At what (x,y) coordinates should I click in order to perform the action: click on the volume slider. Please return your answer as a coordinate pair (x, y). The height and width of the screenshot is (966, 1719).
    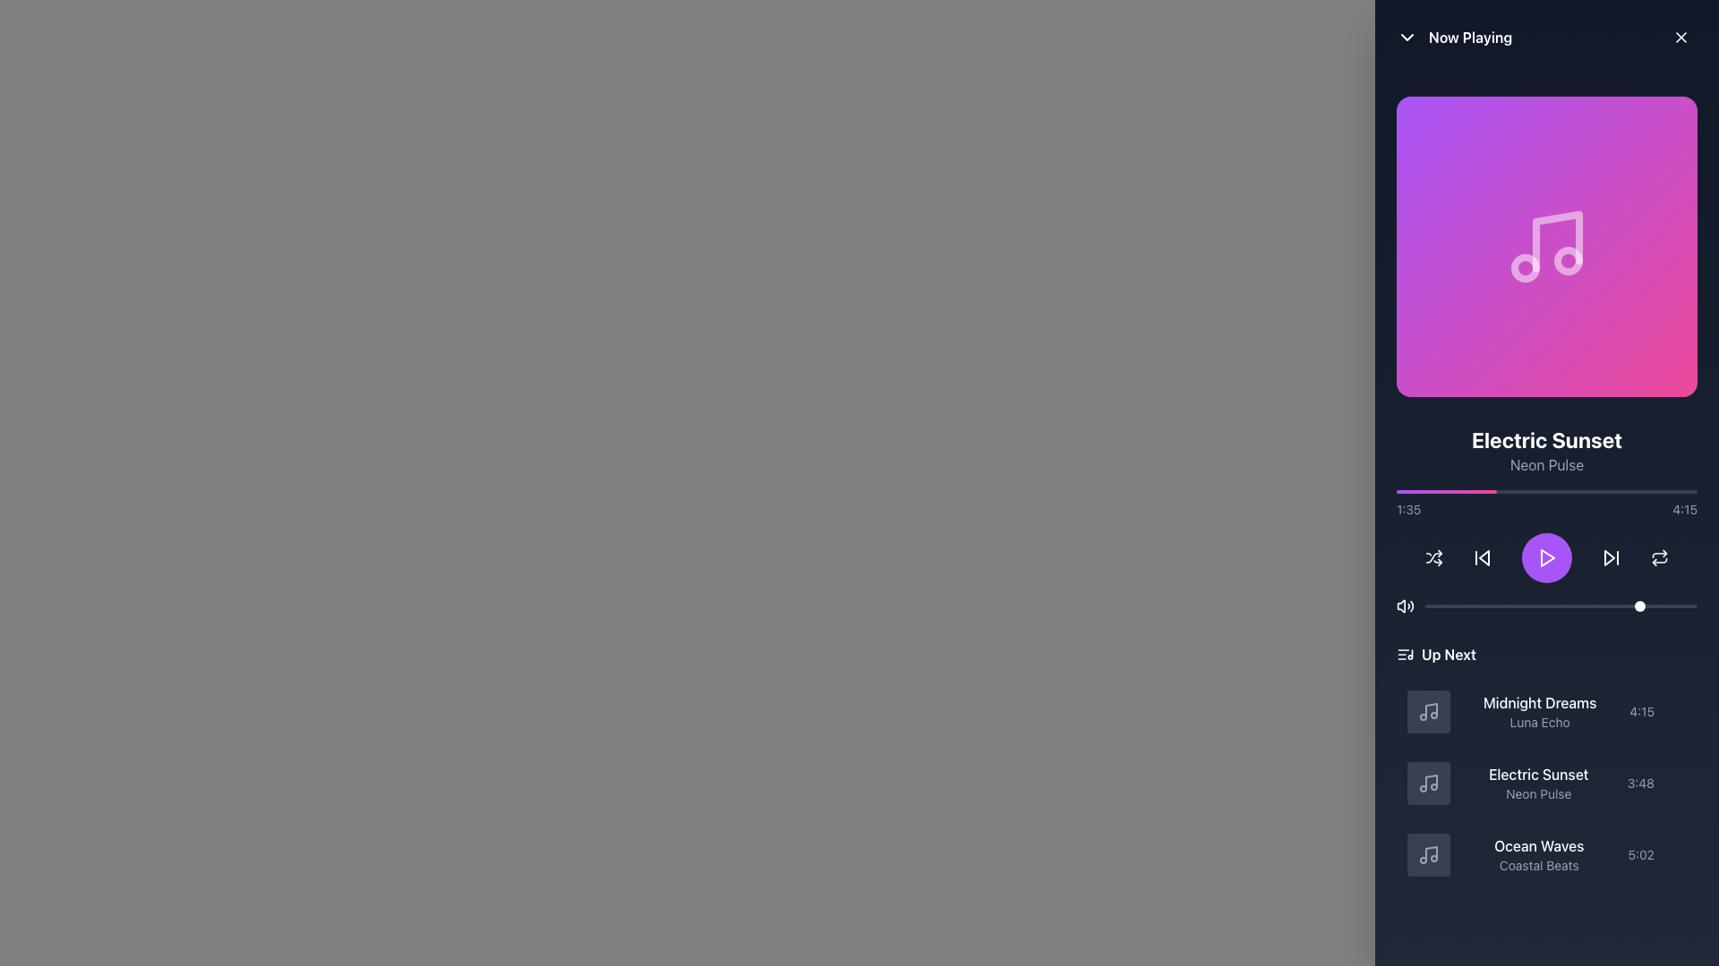
    Looking at the image, I should click on (1680, 606).